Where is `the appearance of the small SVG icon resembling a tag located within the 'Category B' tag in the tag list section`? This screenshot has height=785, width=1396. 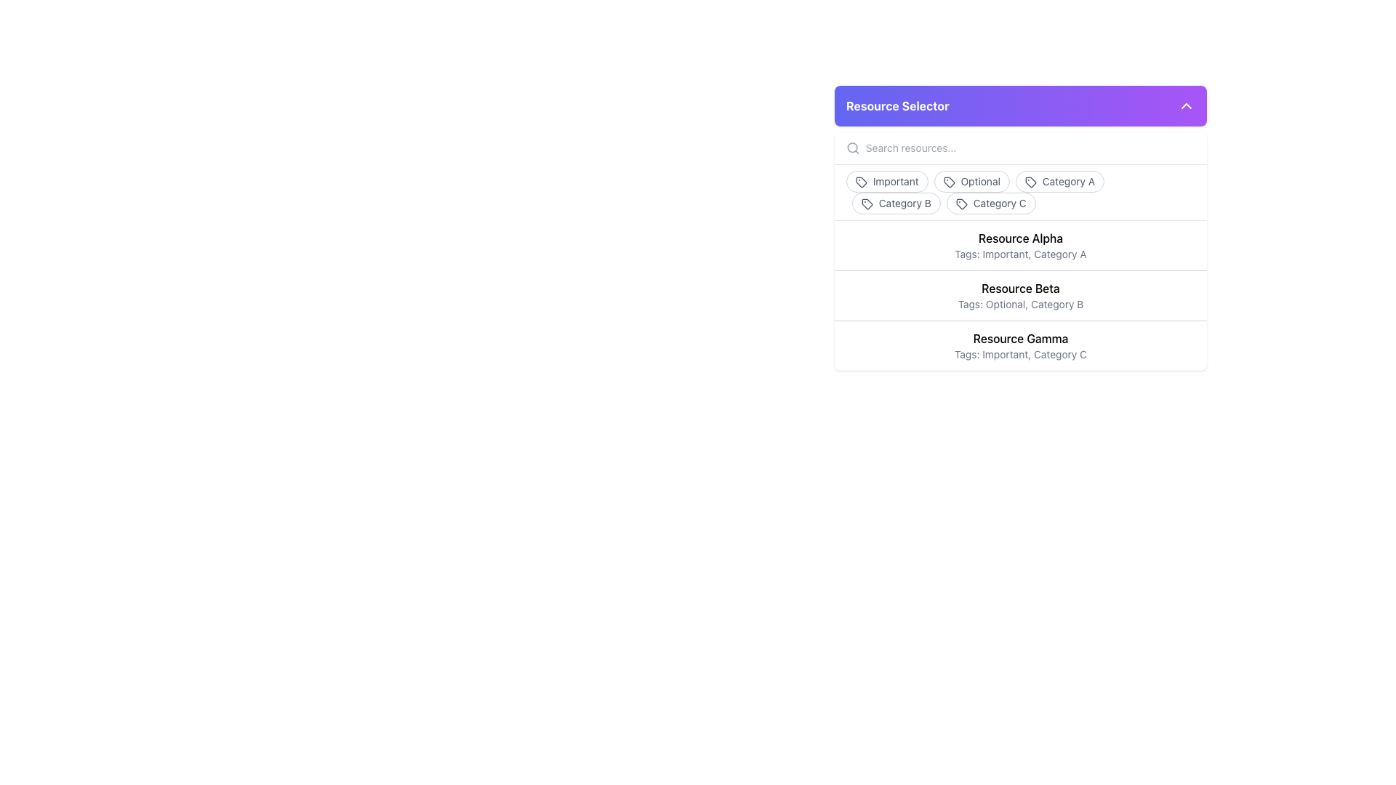
the appearance of the small SVG icon resembling a tag located within the 'Category B' tag in the tag list section is located at coordinates (867, 204).